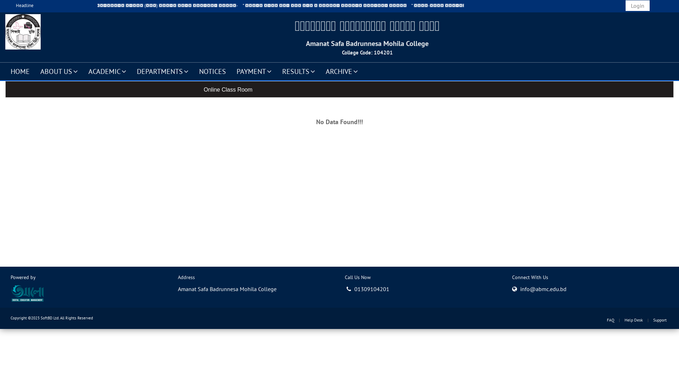 This screenshot has height=382, width=679. Describe the element at coordinates (626, 5) in the screenshot. I see `'Login'` at that location.